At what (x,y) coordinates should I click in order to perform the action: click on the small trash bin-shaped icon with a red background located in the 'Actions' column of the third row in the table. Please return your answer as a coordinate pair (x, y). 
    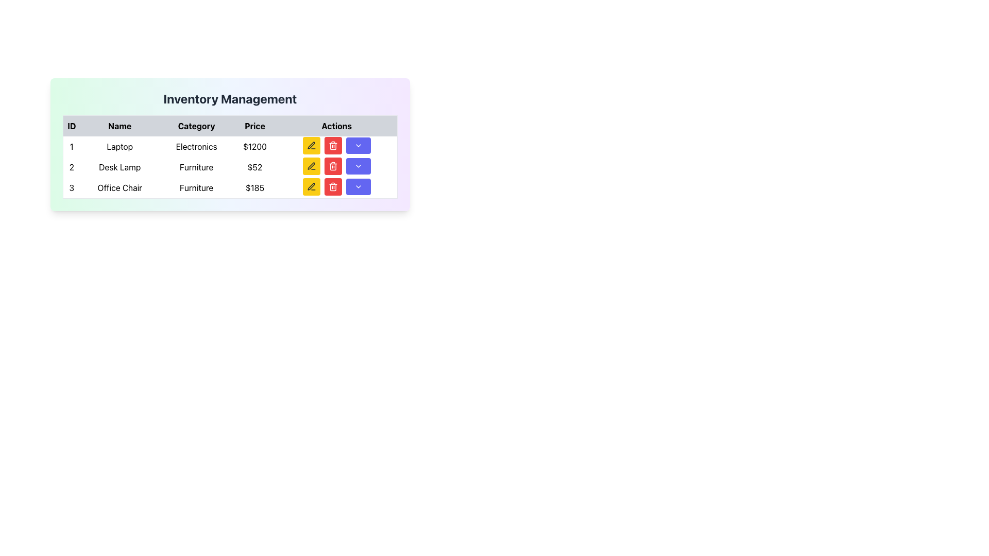
    Looking at the image, I should click on (333, 186).